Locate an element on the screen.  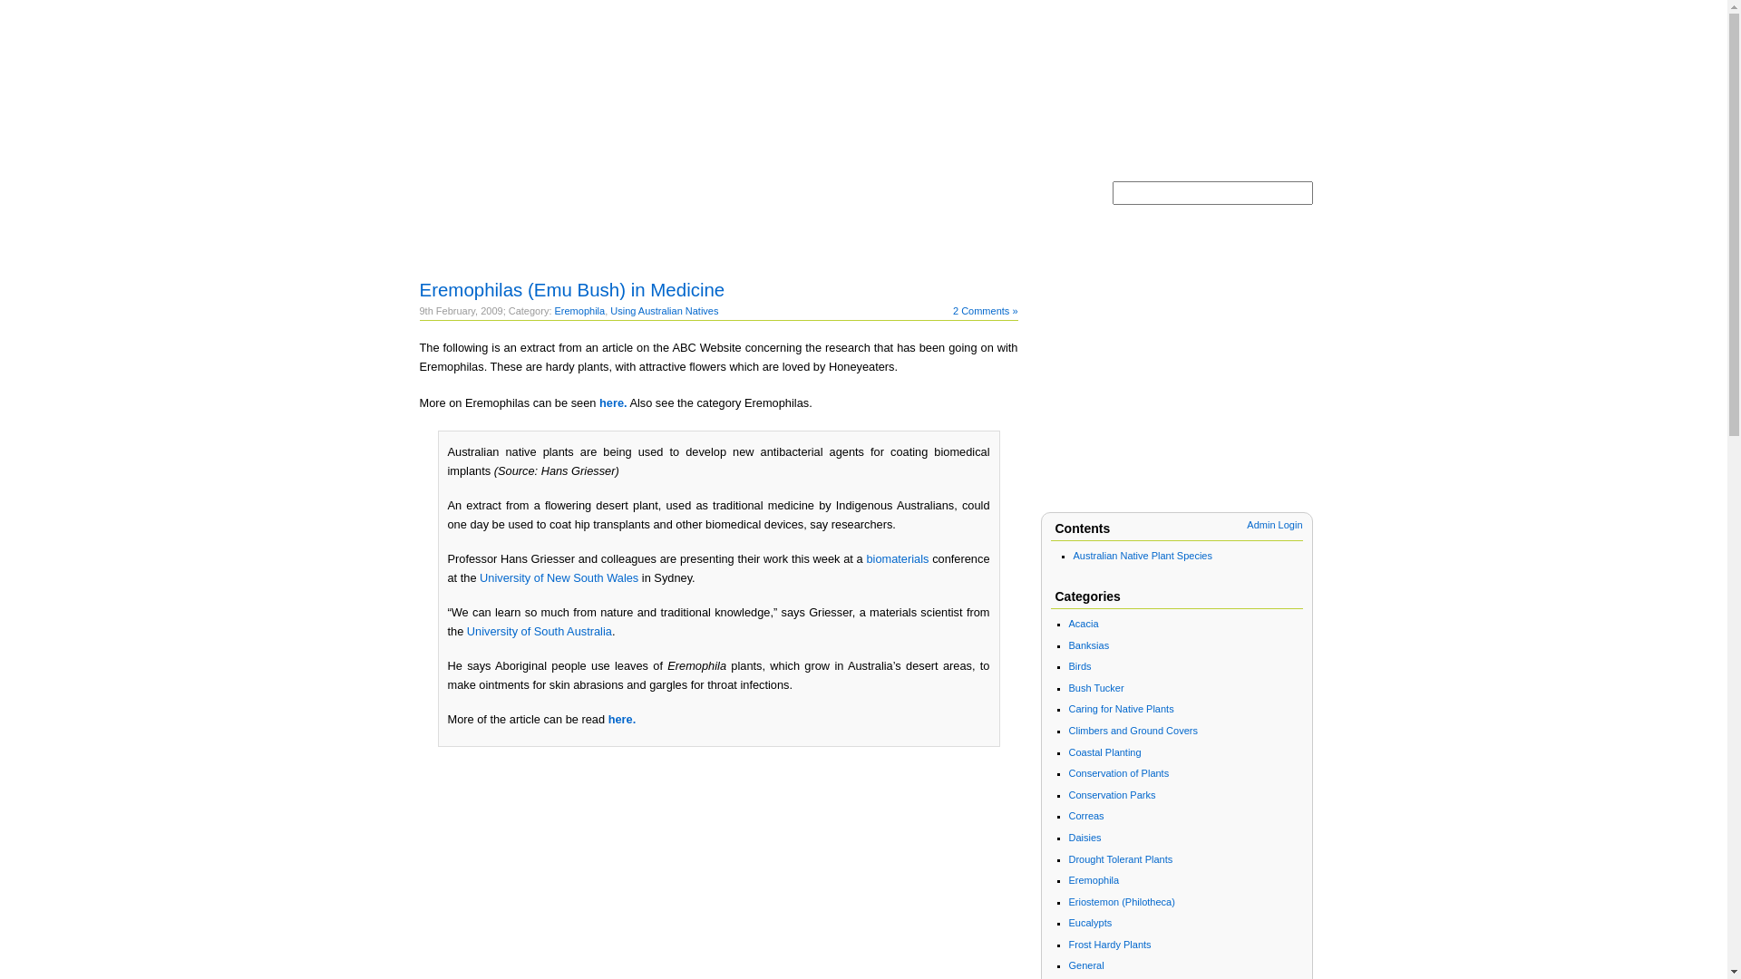
'University of South Australia' is located at coordinates (539, 630).